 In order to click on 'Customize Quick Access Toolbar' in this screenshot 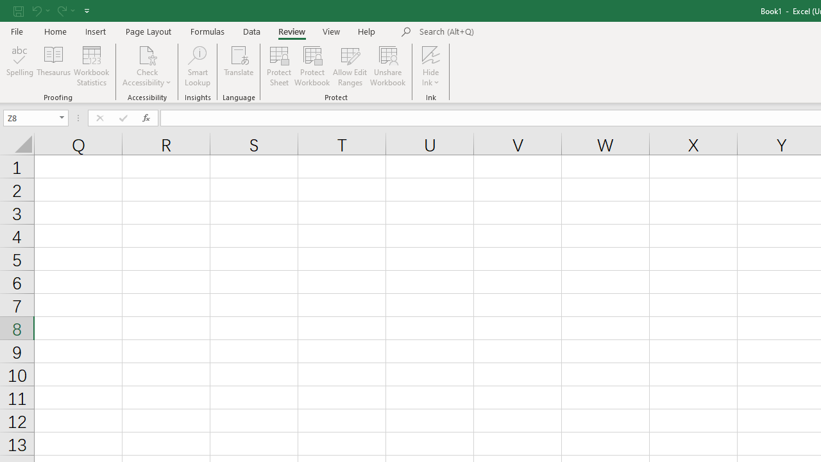, I will do `click(86, 10)`.